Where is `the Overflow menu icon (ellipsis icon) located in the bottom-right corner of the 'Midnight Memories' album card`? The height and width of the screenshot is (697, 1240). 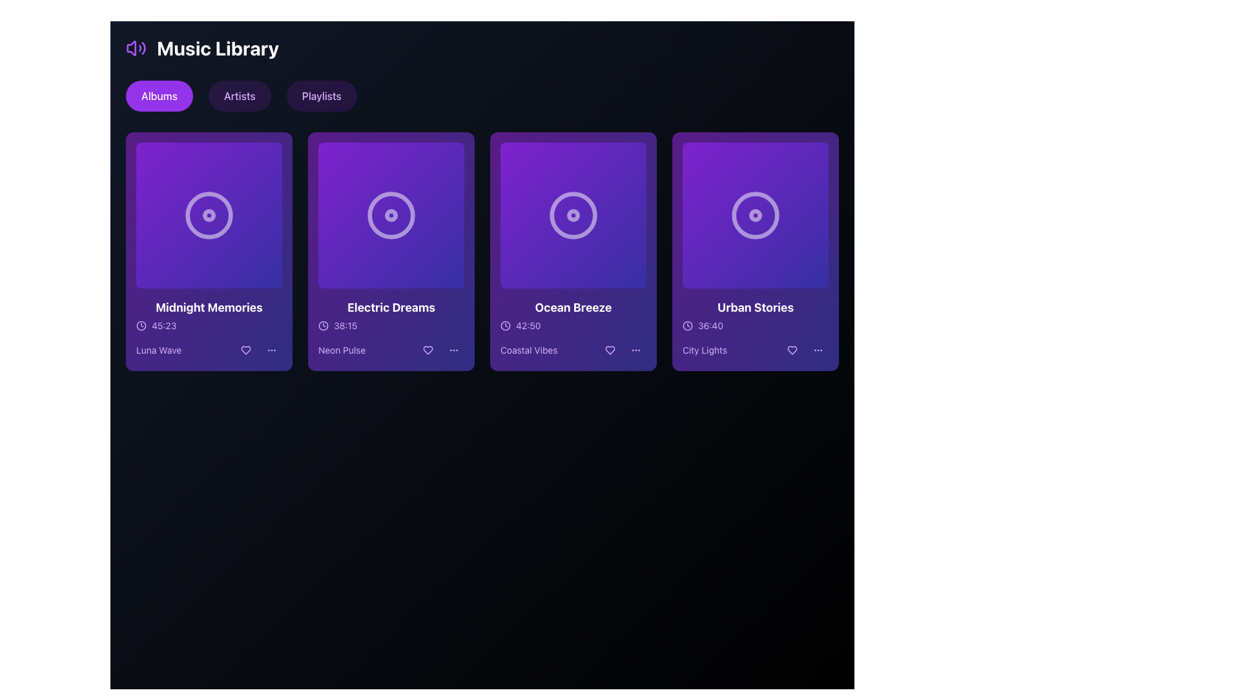
the Overflow menu icon (ellipsis icon) located in the bottom-right corner of the 'Midnight Memories' album card is located at coordinates (271, 350).